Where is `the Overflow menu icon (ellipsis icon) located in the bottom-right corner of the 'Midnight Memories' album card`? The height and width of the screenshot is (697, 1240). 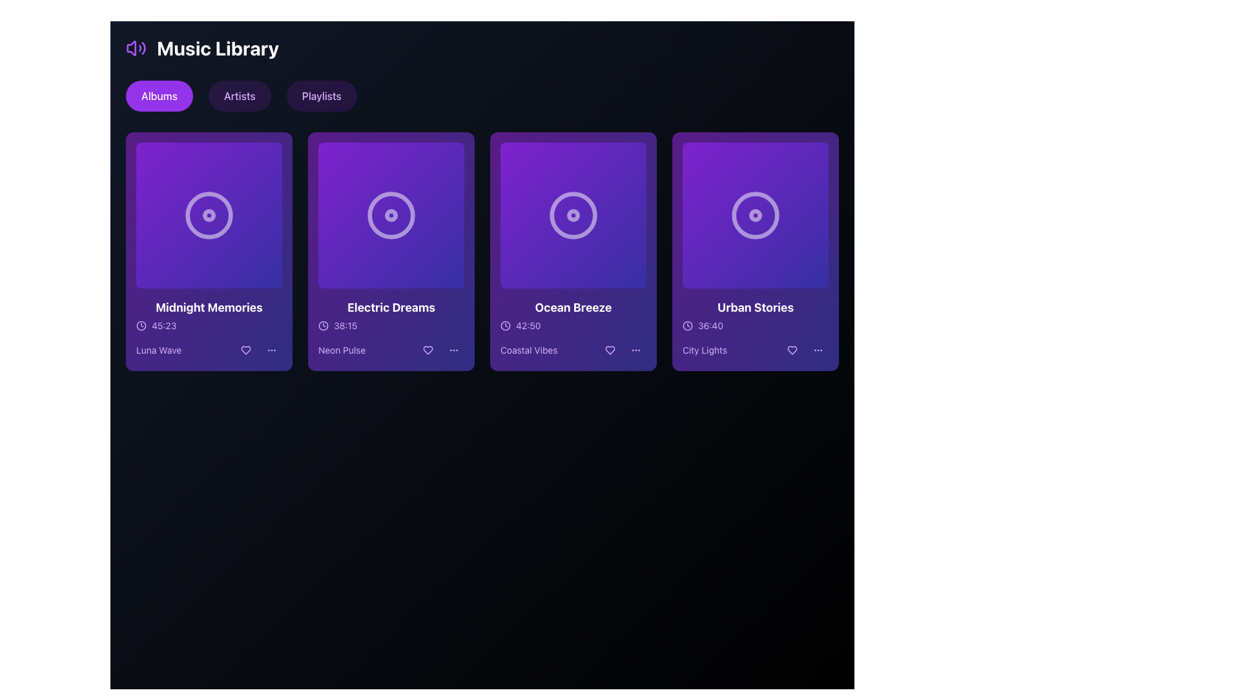
the Overflow menu icon (ellipsis icon) located in the bottom-right corner of the 'Midnight Memories' album card is located at coordinates (271, 350).